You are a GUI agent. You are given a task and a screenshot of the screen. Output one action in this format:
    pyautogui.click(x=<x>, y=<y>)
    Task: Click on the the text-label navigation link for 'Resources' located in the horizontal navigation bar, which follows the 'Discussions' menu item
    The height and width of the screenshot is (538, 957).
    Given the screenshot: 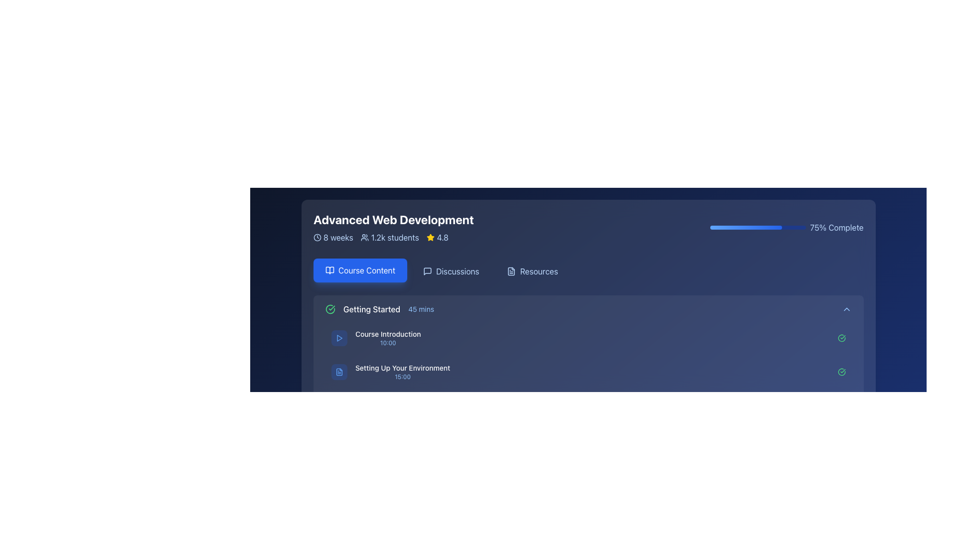 What is the action you would take?
    pyautogui.click(x=538, y=271)
    